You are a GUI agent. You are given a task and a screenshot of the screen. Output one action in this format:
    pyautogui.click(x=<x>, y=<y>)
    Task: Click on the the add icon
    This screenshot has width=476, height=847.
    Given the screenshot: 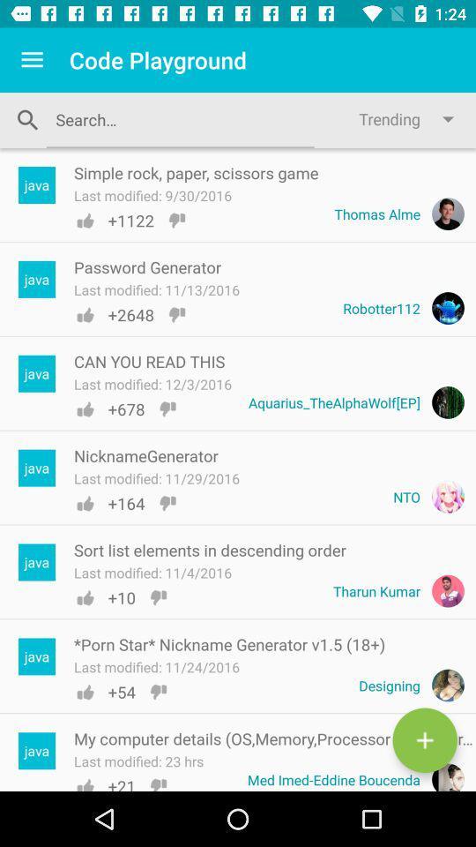 What is the action you would take?
    pyautogui.click(x=424, y=740)
    